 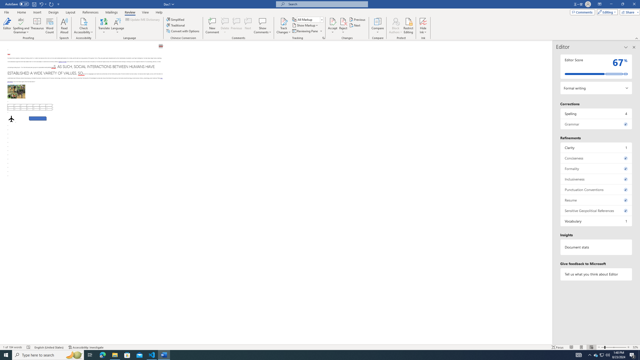 What do you see at coordinates (117, 26) in the screenshot?
I see `'Language'` at bounding box center [117, 26].